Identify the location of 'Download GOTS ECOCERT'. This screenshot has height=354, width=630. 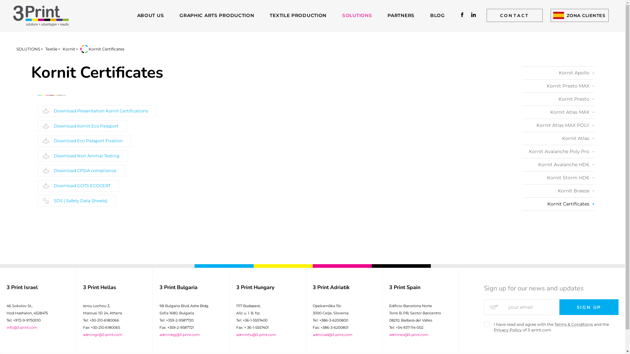
(78, 186).